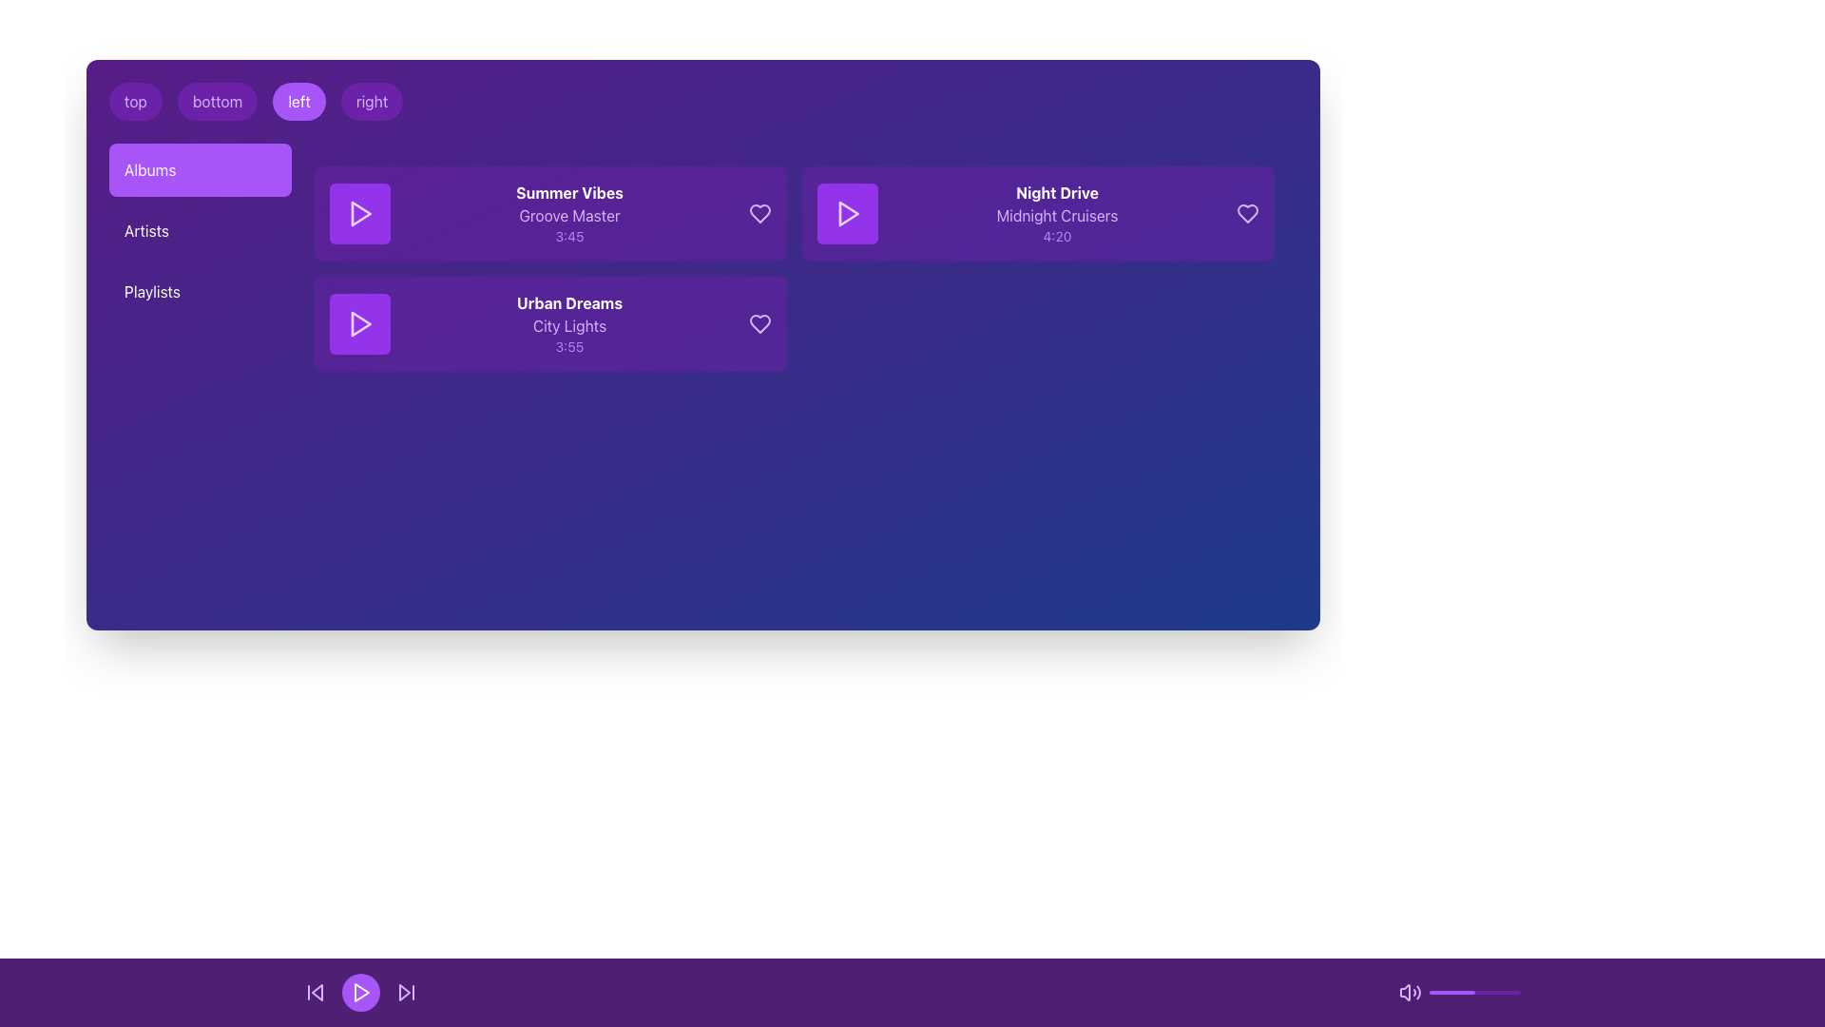  What do you see at coordinates (568, 347) in the screenshot?
I see `the Text Label displaying the duration of the song 'Urban Dreams', located at the bottom-center of the song item following 'City Lights'` at bounding box center [568, 347].